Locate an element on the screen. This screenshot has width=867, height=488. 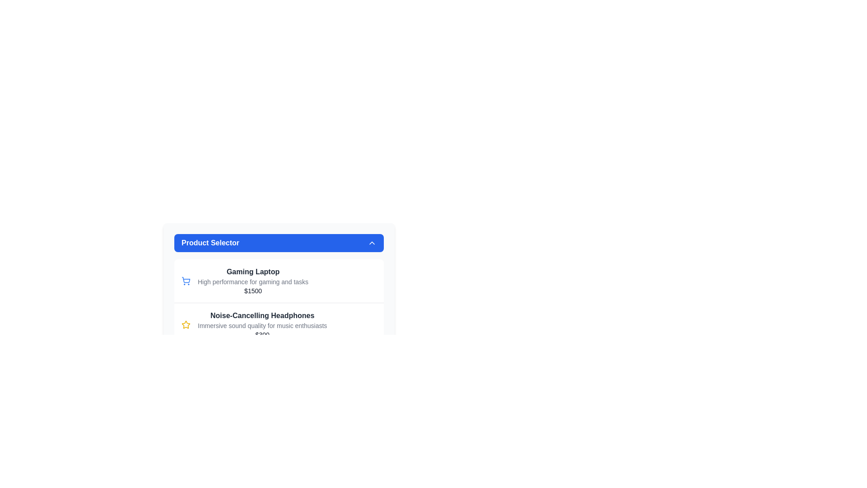
the List item entry for 'Noise-Cancelling Headphones' is located at coordinates (262, 324).